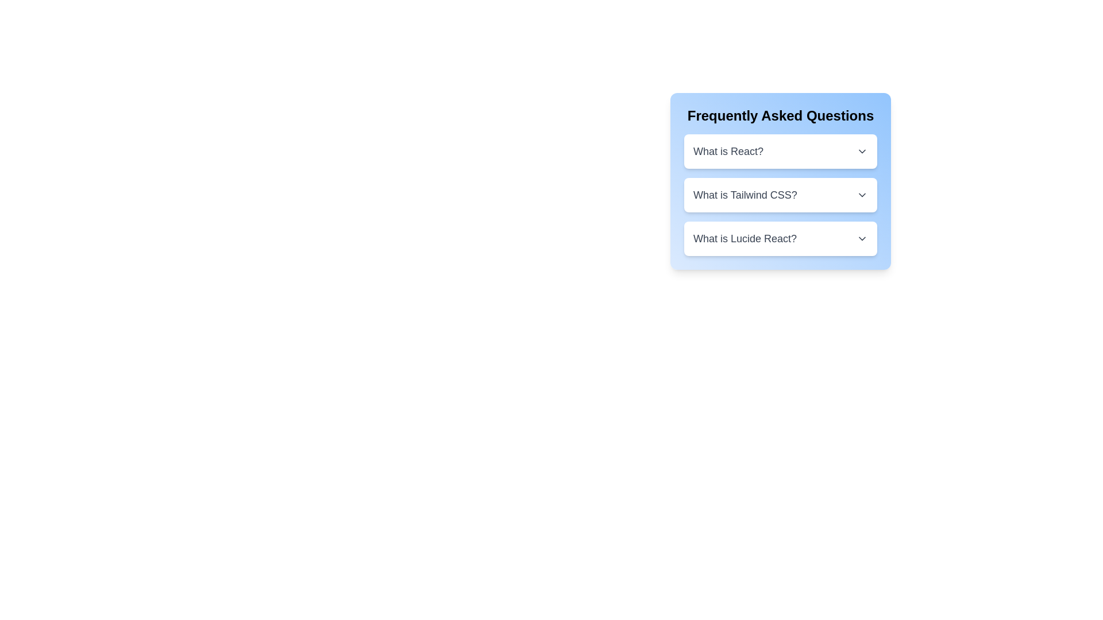 The width and height of the screenshot is (1103, 620). I want to click on the downward-facing chevron icon located to the right of the question text 'What is Tailwind CSS?', so click(862, 194).